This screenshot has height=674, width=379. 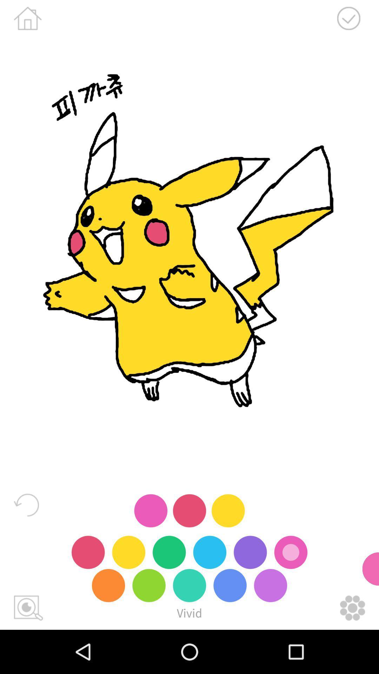 What do you see at coordinates (348, 18) in the screenshot?
I see `choose it` at bounding box center [348, 18].